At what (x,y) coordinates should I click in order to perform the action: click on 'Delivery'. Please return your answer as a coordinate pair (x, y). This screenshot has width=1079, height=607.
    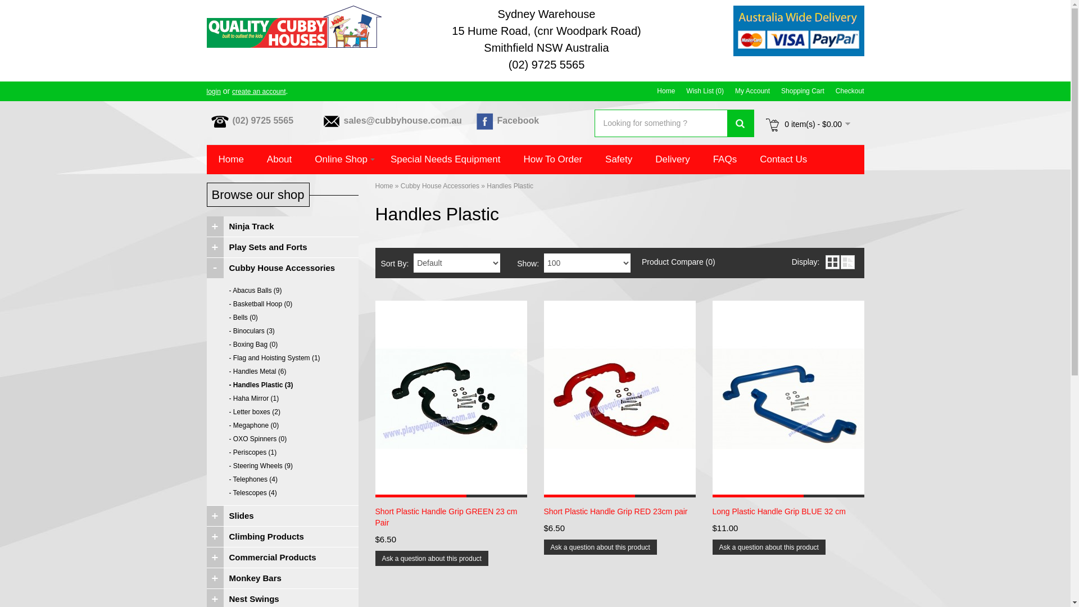
    Looking at the image, I should click on (672, 160).